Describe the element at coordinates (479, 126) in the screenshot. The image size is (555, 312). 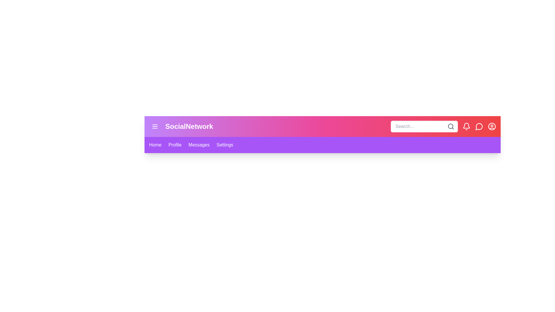
I see `the icons: message` at that location.